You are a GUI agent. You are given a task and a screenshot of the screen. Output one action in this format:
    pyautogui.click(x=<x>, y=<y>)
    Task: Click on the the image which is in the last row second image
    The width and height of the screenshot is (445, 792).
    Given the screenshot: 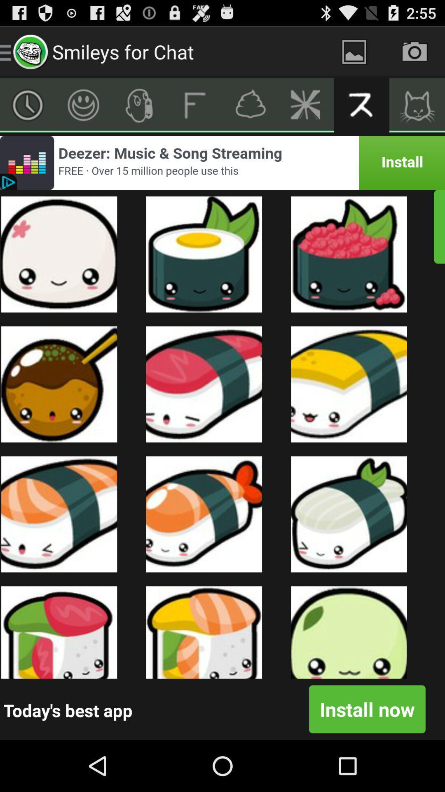 What is the action you would take?
    pyautogui.click(x=204, y=632)
    